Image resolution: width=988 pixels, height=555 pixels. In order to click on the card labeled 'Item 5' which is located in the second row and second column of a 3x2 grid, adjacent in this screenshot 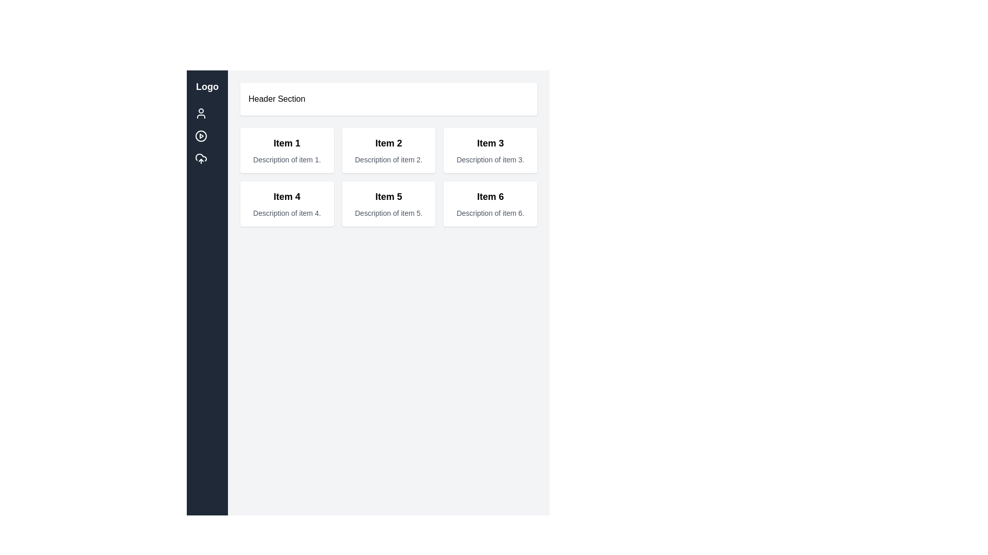, I will do `click(388, 204)`.